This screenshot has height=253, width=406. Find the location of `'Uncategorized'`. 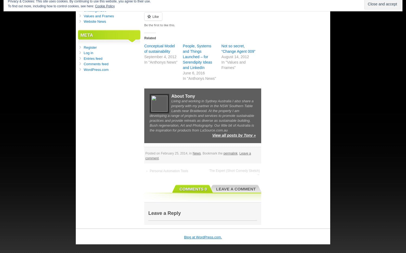

'Uncategorized' is located at coordinates (95, 10).